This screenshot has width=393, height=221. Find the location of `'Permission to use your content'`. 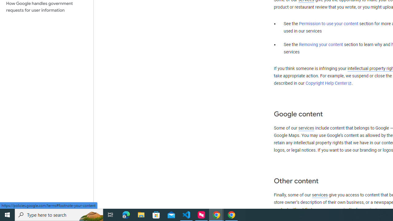

'Permission to use your content' is located at coordinates (328, 24).